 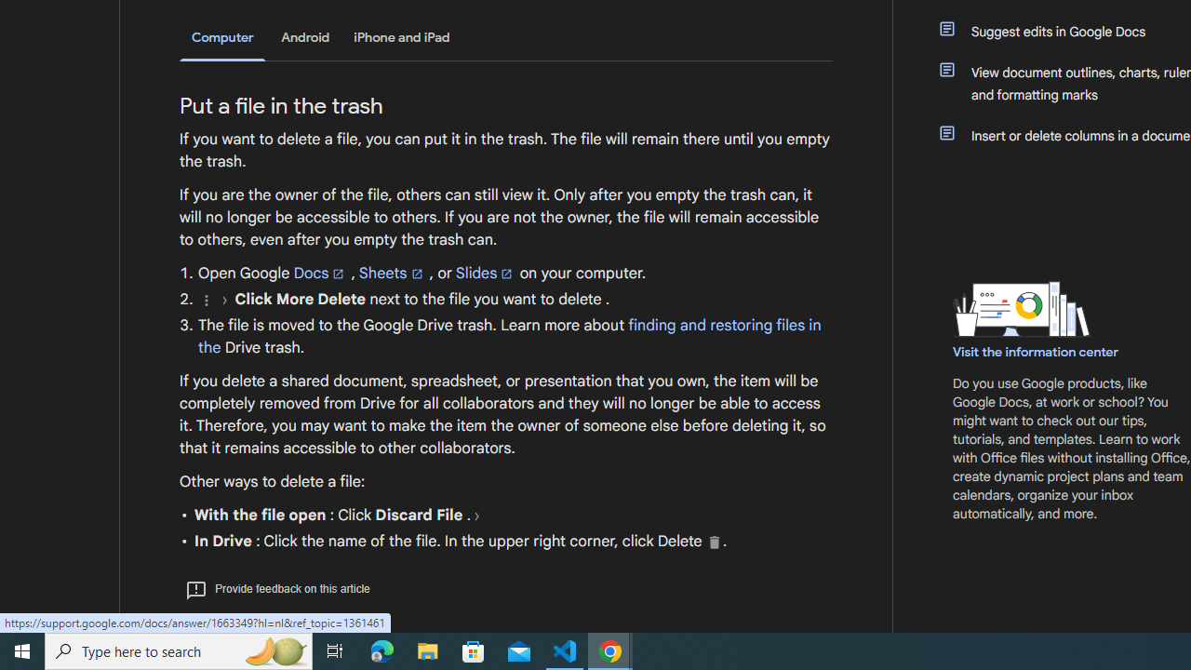 What do you see at coordinates (486, 273) in the screenshot?
I see `'Slides'` at bounding box center [486, 273].